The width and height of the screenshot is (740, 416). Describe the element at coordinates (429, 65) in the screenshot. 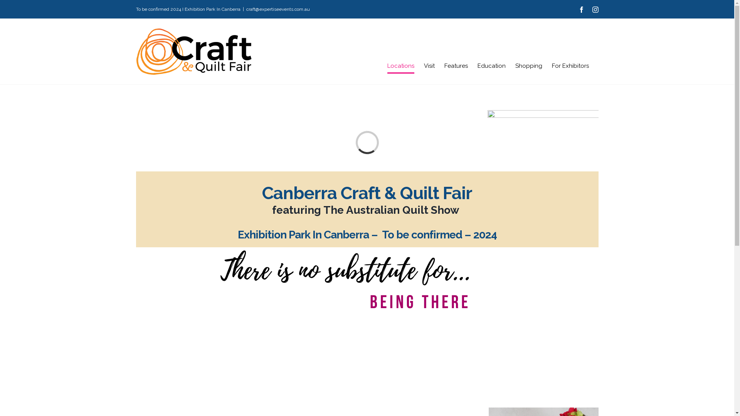

I see `'Visit'` at that location.